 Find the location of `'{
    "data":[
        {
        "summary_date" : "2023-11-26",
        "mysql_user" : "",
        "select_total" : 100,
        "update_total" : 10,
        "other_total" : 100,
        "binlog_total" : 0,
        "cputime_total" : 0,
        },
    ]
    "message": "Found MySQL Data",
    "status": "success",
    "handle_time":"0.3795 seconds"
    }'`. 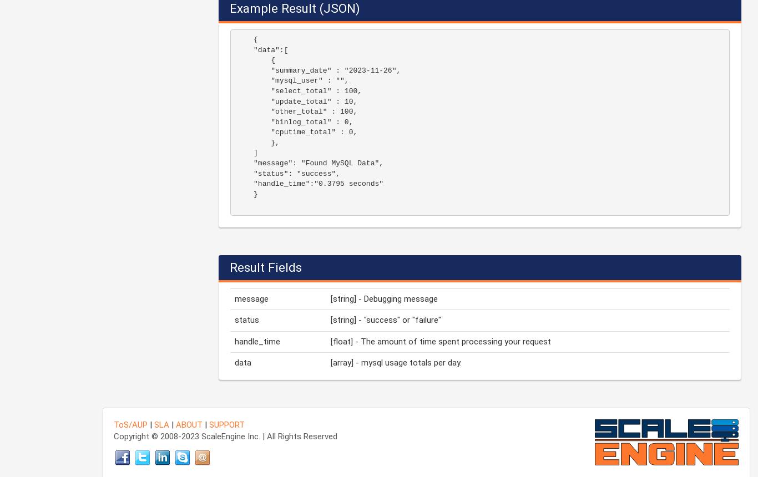

'{
    "data":[
        {
        "summary_date" : "2023-11-26",
        "mysql_user" : "",
        "select_total" : 100,
        "update_total" : 10,
        "other_total" : 100,
        "binlog_total" : 0,
        "cputime_total" : 0,
        },
    ]
    "message": "Found MySQL Data",
    "status": "success",
    "handle_time":"0.3795 seconds"
    }' is located at coordinates (317, 121).